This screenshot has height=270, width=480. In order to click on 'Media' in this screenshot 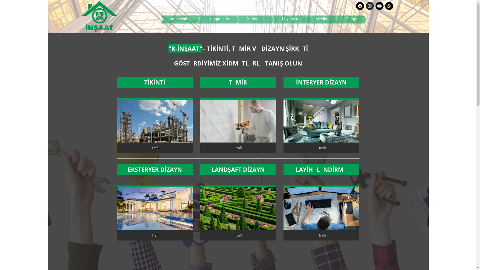, I will do `click(321, 19)`.